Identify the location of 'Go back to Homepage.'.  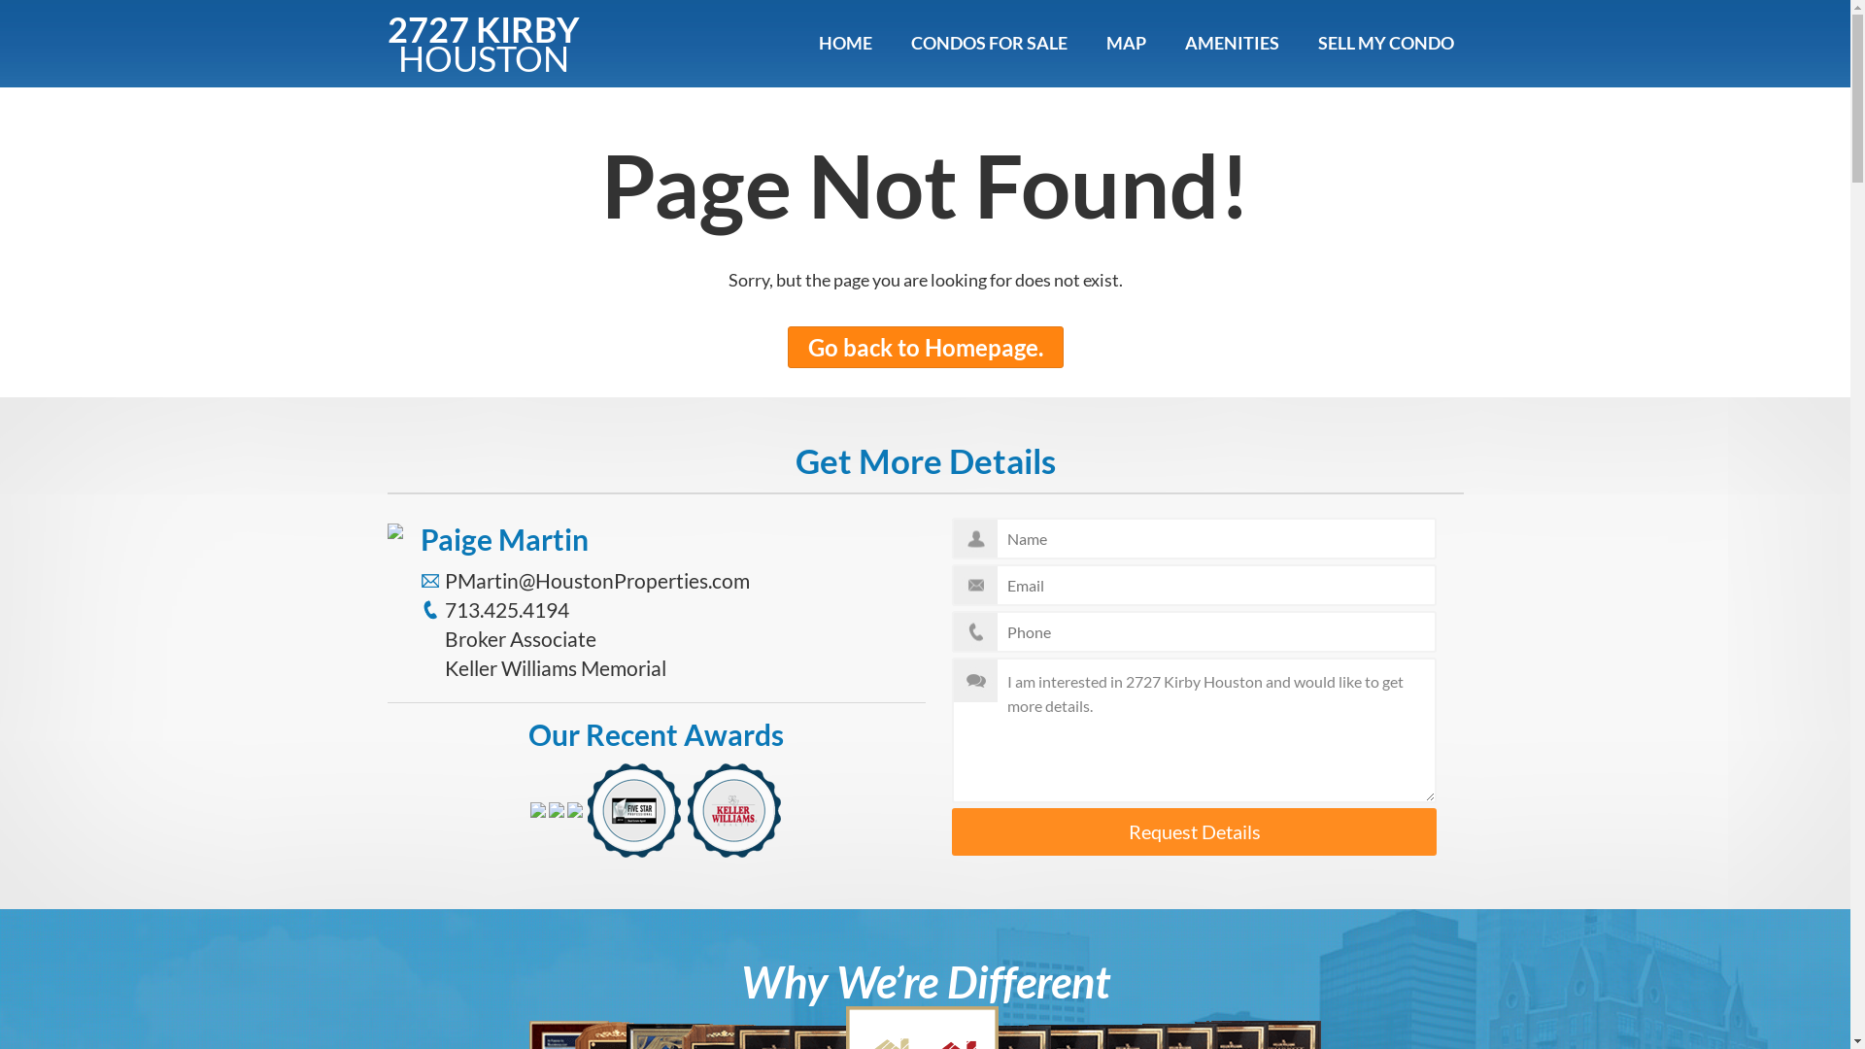
(923, 346).